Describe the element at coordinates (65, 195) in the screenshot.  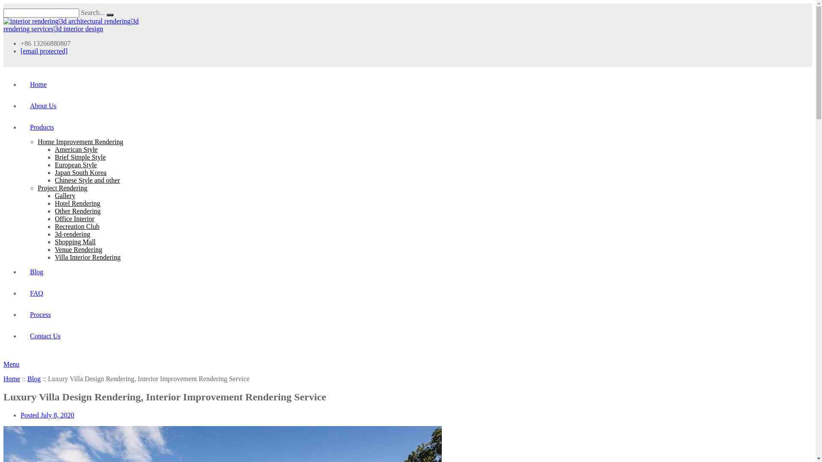
I see `'Gallery'` at that location.